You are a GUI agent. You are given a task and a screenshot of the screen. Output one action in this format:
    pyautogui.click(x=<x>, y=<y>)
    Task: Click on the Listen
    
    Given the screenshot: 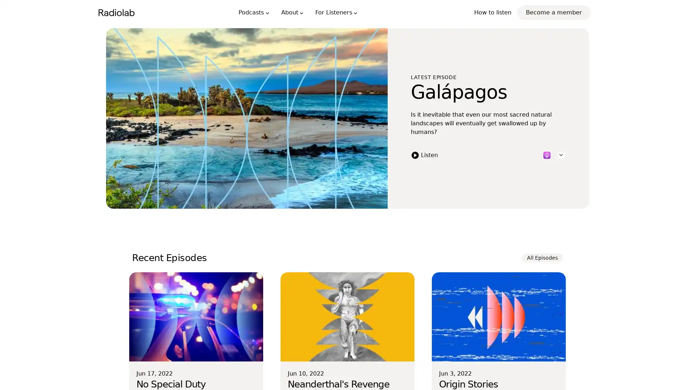 What is the action you would take?
    pyautogui.click(x=427, y=154)
    